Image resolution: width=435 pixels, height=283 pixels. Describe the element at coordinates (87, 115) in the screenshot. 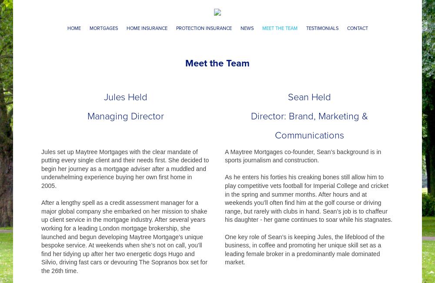

I see `'Managing Director'` at that location.